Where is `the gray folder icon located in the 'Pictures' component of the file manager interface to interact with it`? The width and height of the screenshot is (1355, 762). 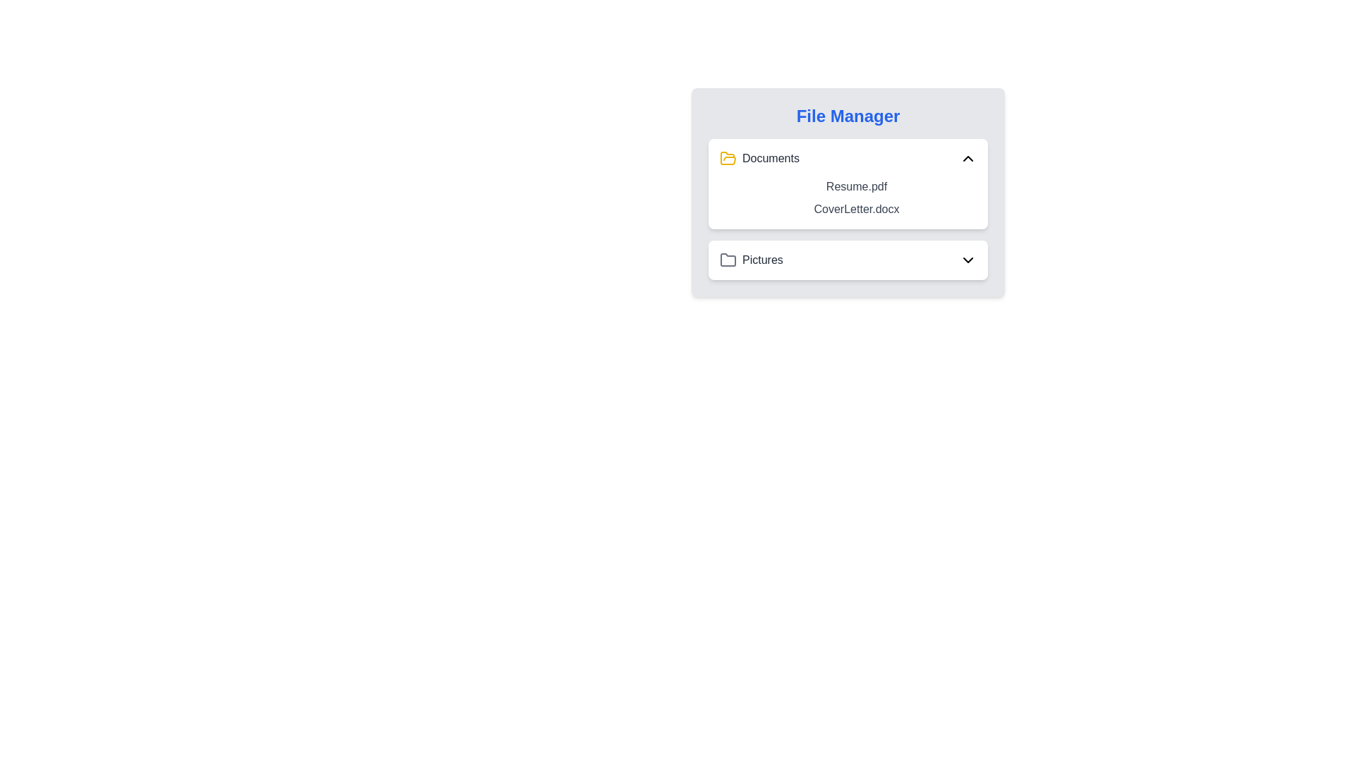 the gray folder icon located in the 'Pictures' component of the file manager interface to interact with it is located at coordinates (728, 260).